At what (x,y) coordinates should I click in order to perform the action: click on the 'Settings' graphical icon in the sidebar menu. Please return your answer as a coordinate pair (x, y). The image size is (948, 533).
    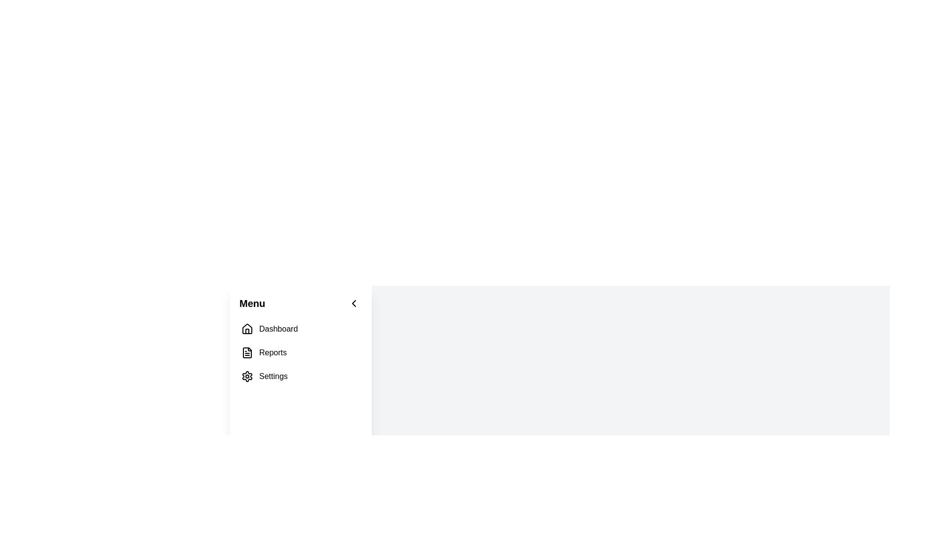
    Looking at the image, I should click on (247, 377).